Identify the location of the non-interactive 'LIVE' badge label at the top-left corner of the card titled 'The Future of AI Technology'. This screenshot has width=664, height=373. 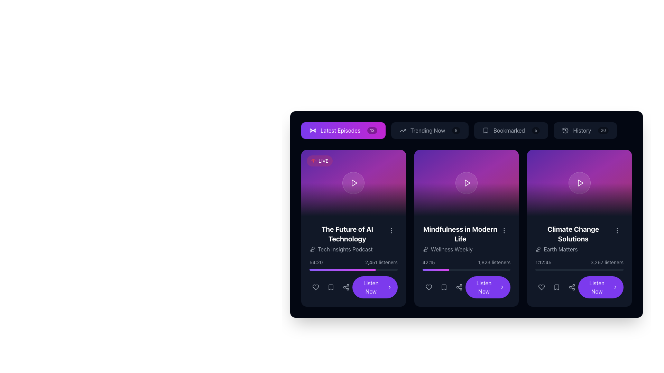
(319, 161).